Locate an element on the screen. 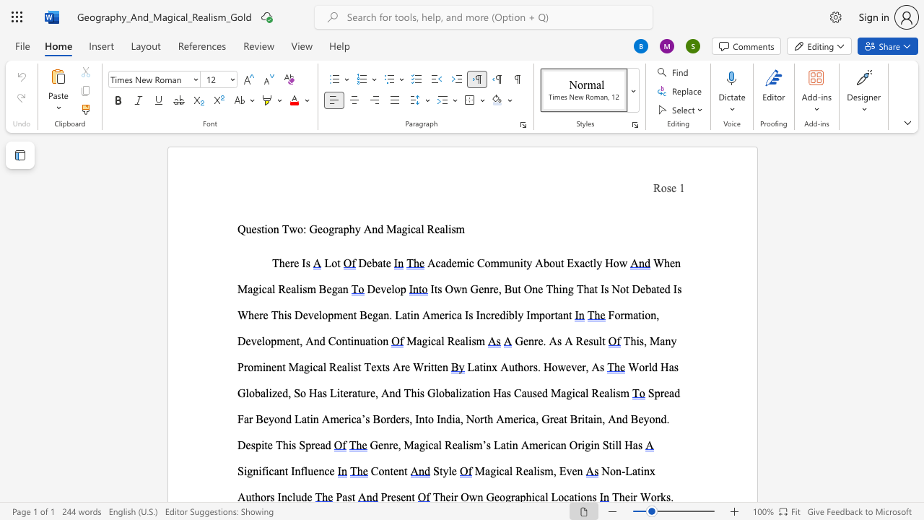  the 3th character "e" in the text is located at coordinates (288, 341).